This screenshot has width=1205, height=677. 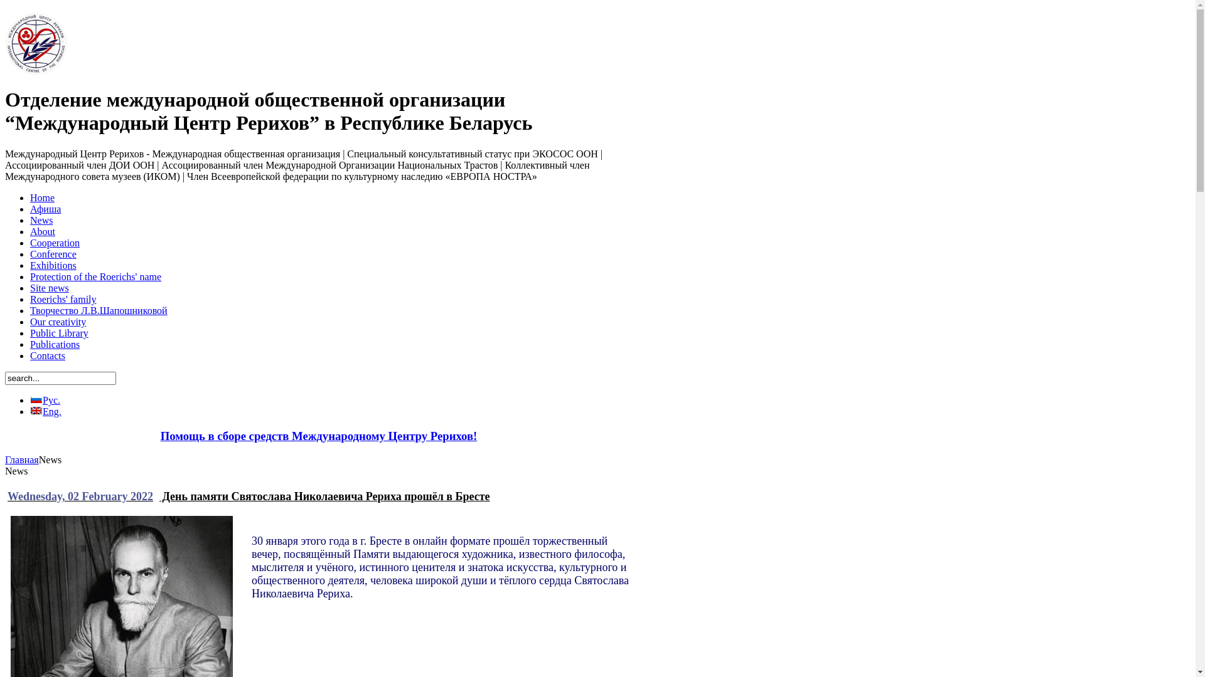 I want to click on 'Site news', so click(x=49, y=288).